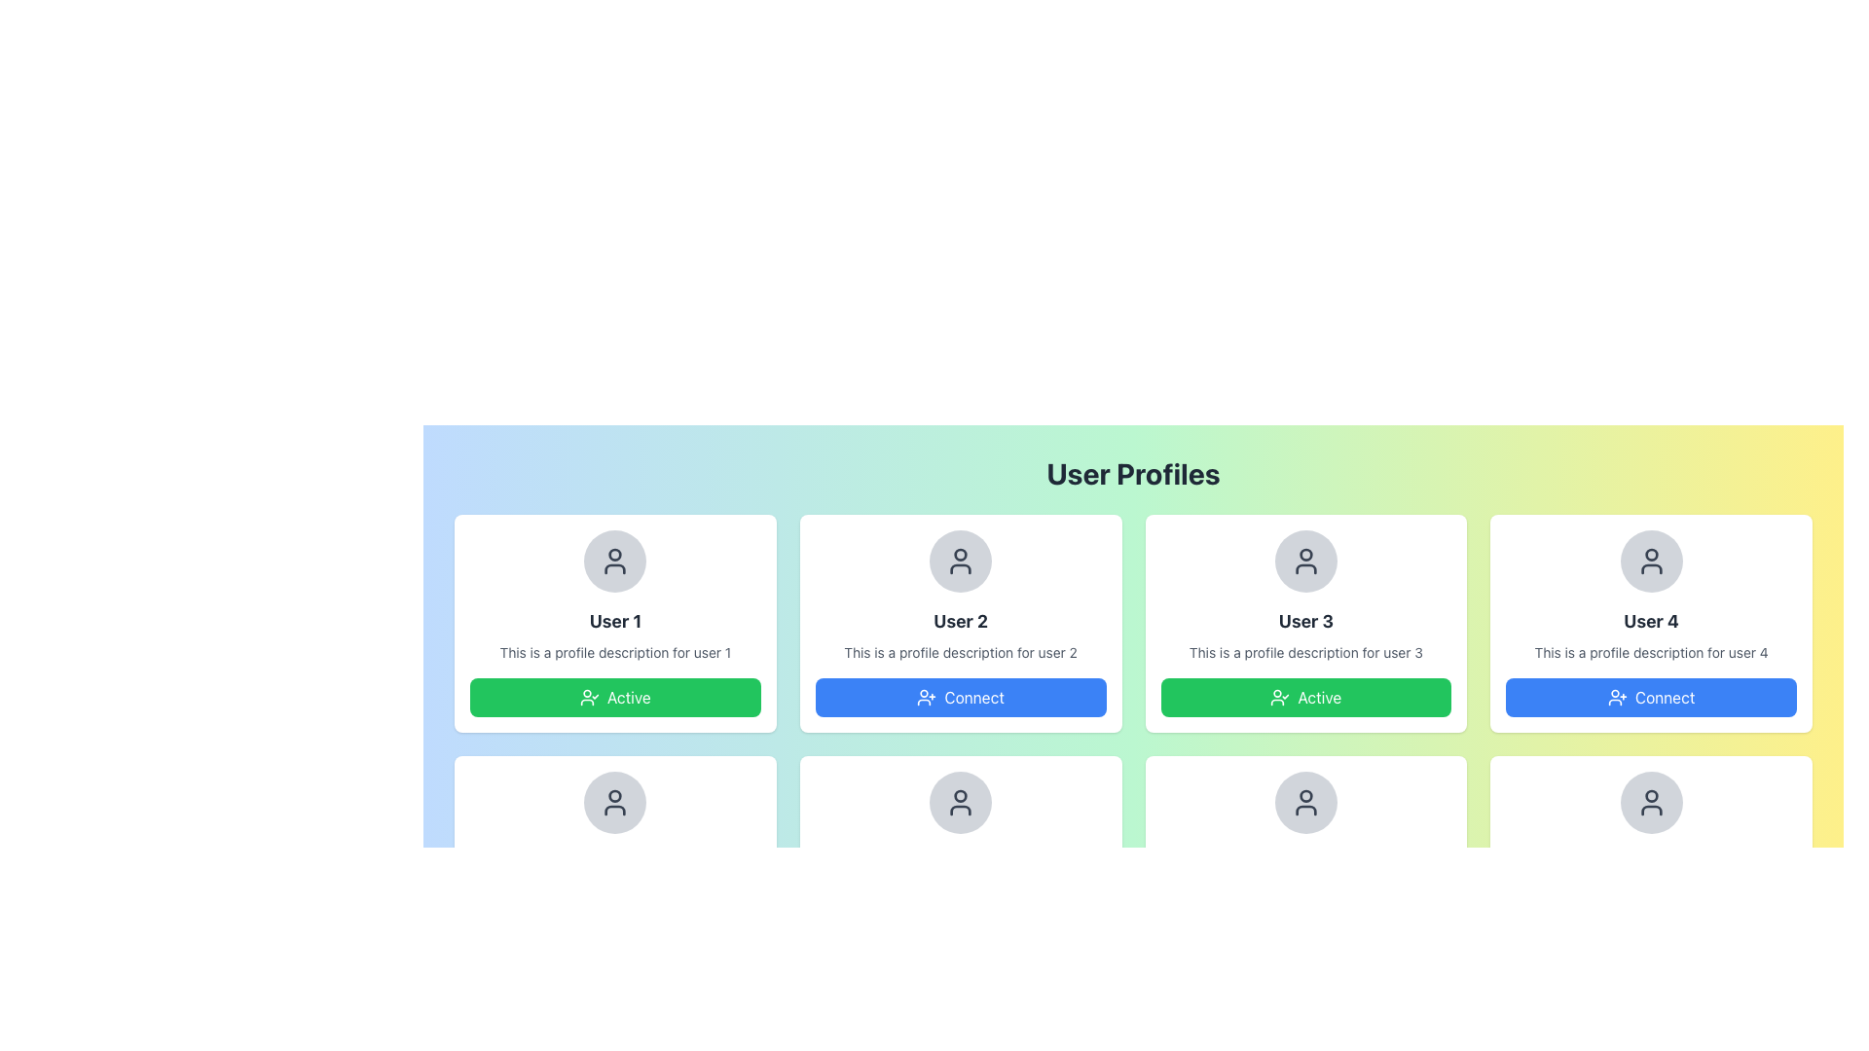  I want to click on the active status icon located within the green 'Active' button for the 'User 1' profile card, so click(588, 697).